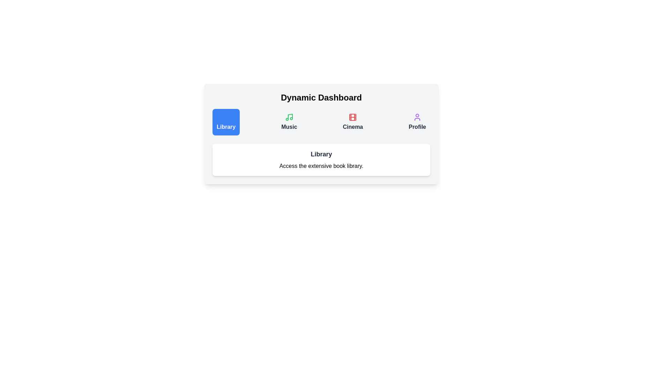 The image size is (670, 377). I want to click on the tab button labeled Music to switch to that tab, so click(289, 122).